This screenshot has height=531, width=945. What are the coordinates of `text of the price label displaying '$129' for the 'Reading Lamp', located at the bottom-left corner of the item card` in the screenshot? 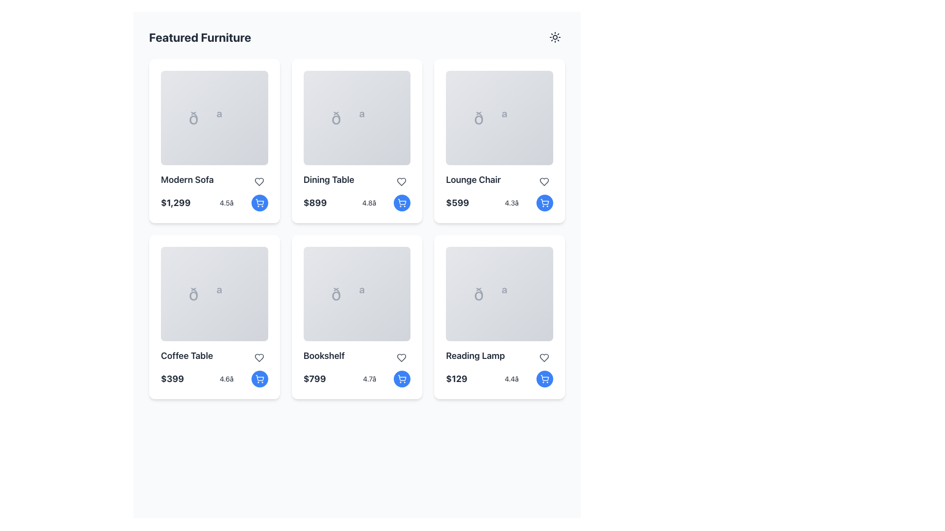 It's located at (456, 379).